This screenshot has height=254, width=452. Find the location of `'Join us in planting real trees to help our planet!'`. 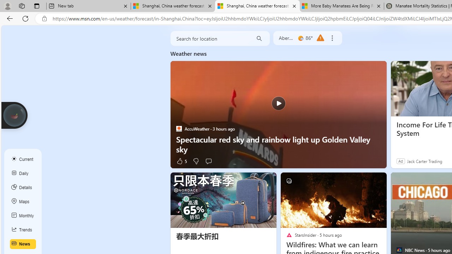

'Join us in planting real trees to help our planet!' is located at coordinates (14, 115).